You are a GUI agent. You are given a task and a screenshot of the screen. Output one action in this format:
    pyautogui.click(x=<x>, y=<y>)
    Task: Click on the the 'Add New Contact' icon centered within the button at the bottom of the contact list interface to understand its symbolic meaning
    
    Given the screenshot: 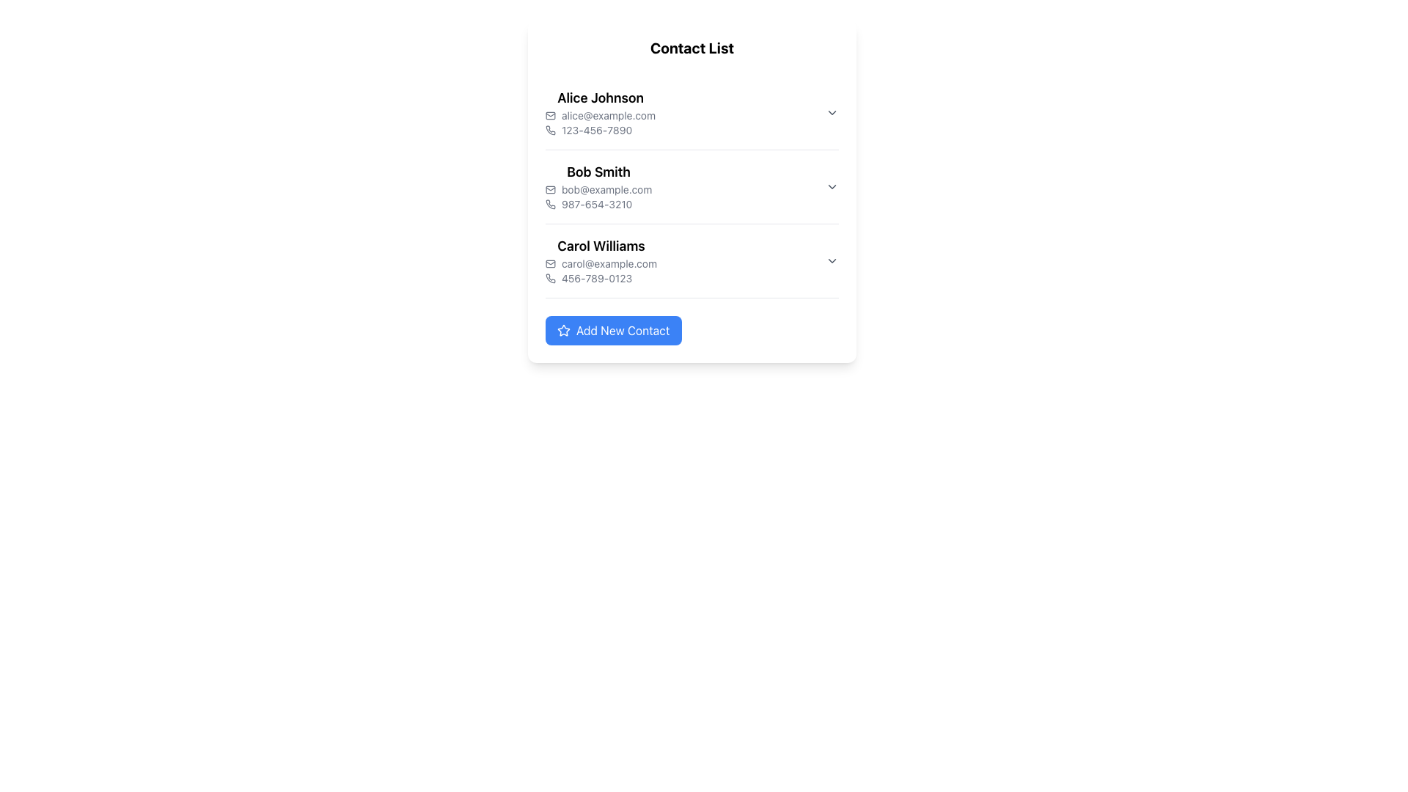 What is the action you would take?
    pyautogui.click(x=562, y=330)
    